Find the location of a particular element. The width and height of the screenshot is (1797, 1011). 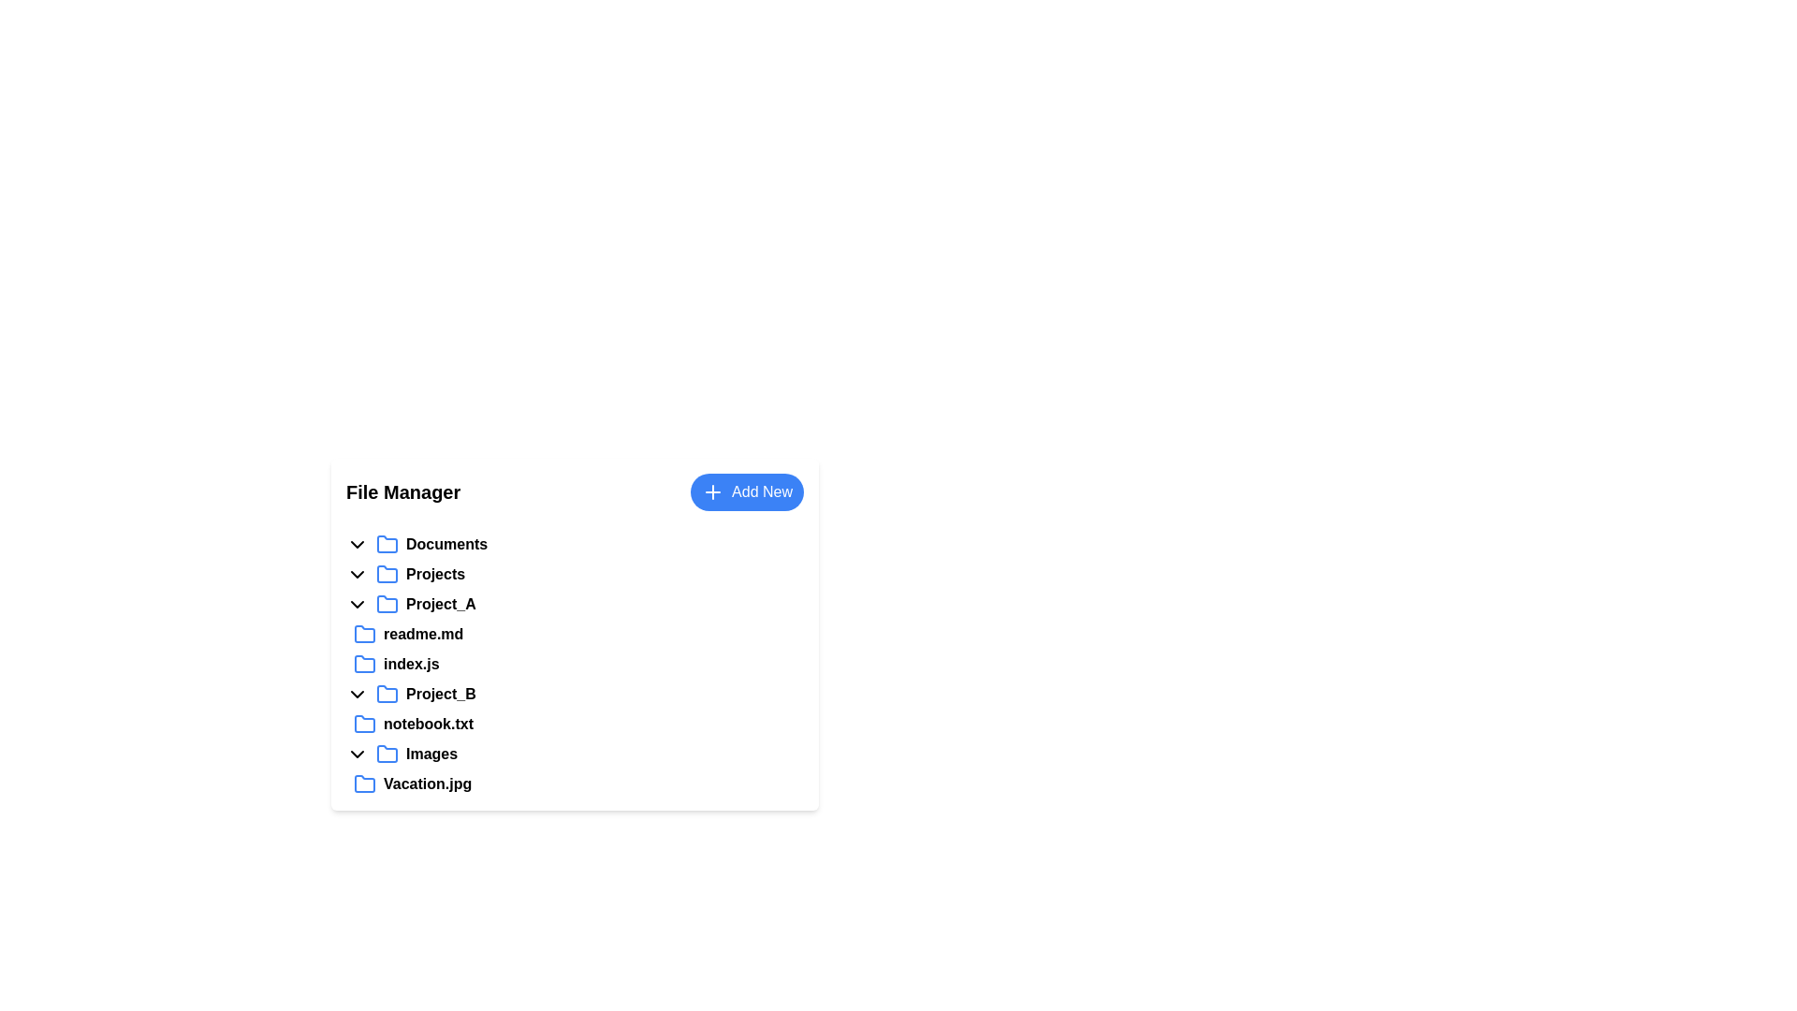

the 'readme.md' file item located under the 'Project_A' folder is located at coordinates (574, 634).